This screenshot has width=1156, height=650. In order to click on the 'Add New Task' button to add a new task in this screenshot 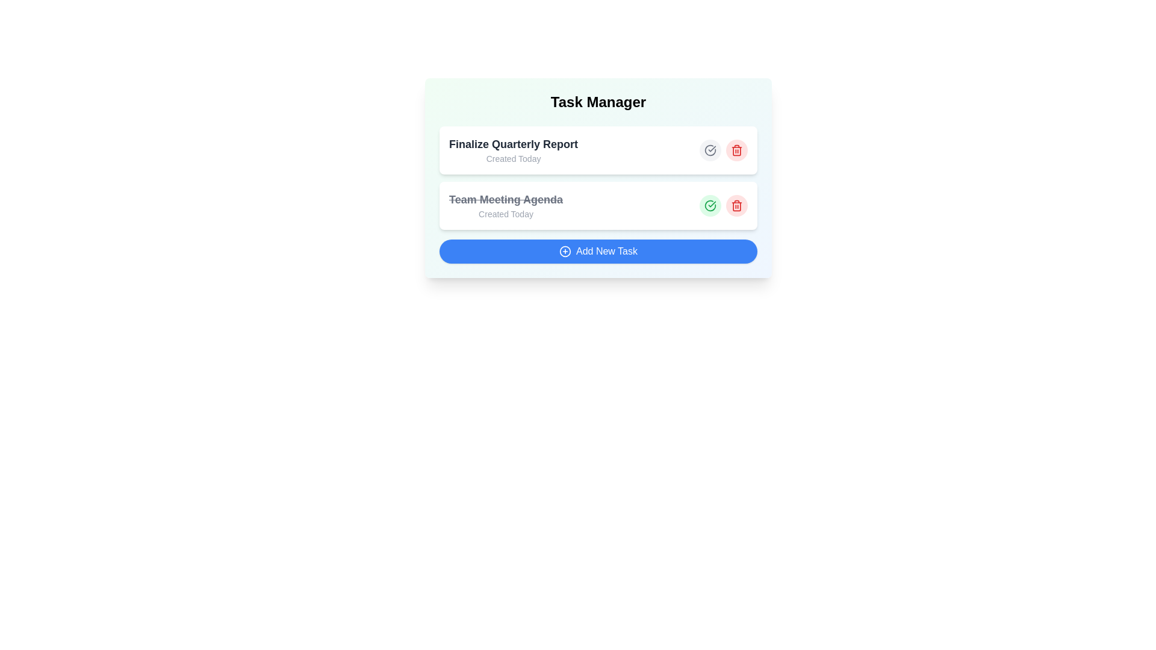, I will do `click(598, 250)`.